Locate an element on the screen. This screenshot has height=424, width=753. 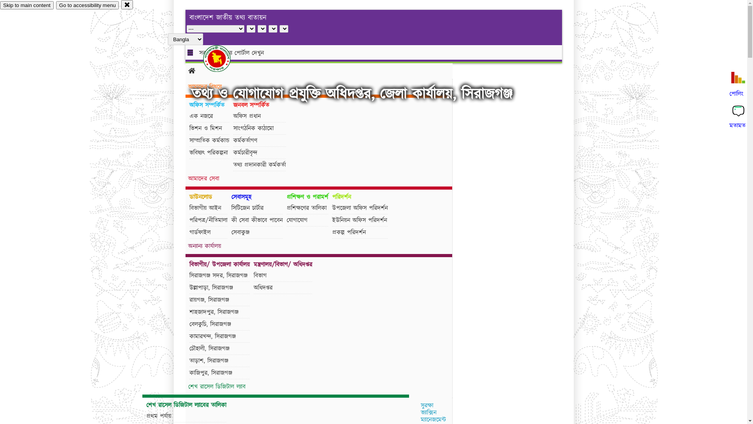
'Go to accessibility menu' is located at coordinates (87, 5).